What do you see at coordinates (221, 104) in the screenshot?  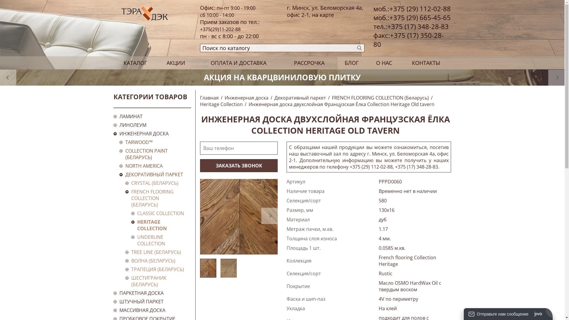 I see `'Heritage Collection'` at bounding box center [221, 104].